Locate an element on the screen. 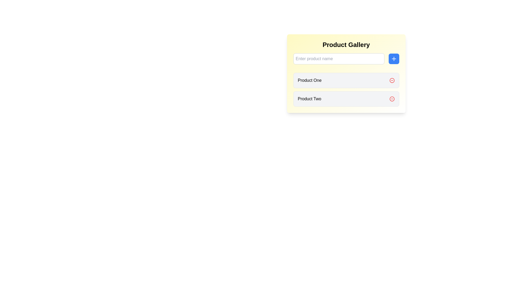 This screenshot has width=508, height=285. the product name label located within the product gallery, directly below the 'Product One' label is located at coordinates (309, 99).